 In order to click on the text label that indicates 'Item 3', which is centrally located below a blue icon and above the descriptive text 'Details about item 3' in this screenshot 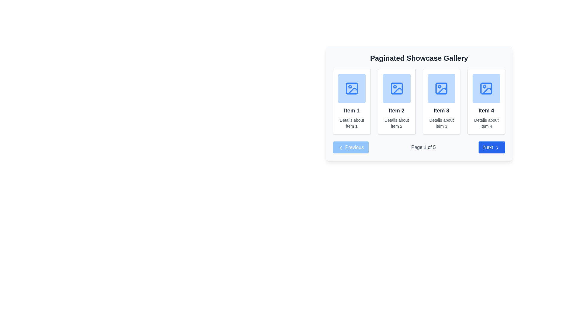, I will do `click(441, 111)`.